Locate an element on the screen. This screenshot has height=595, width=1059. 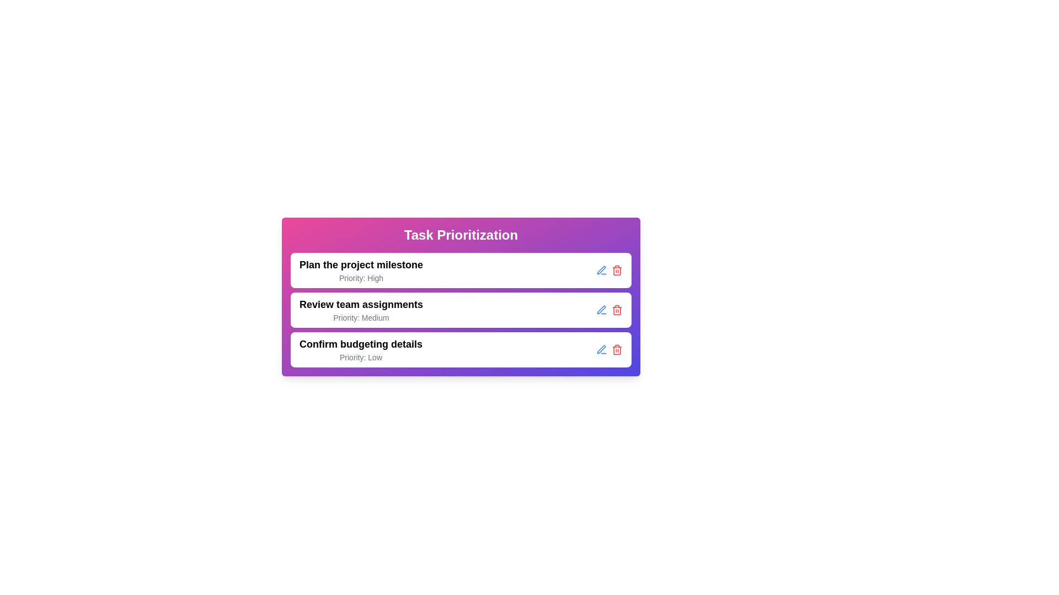
the trash icon button on the task management UI, which is the second of three sibling icons is located at coordinates (616, 310).